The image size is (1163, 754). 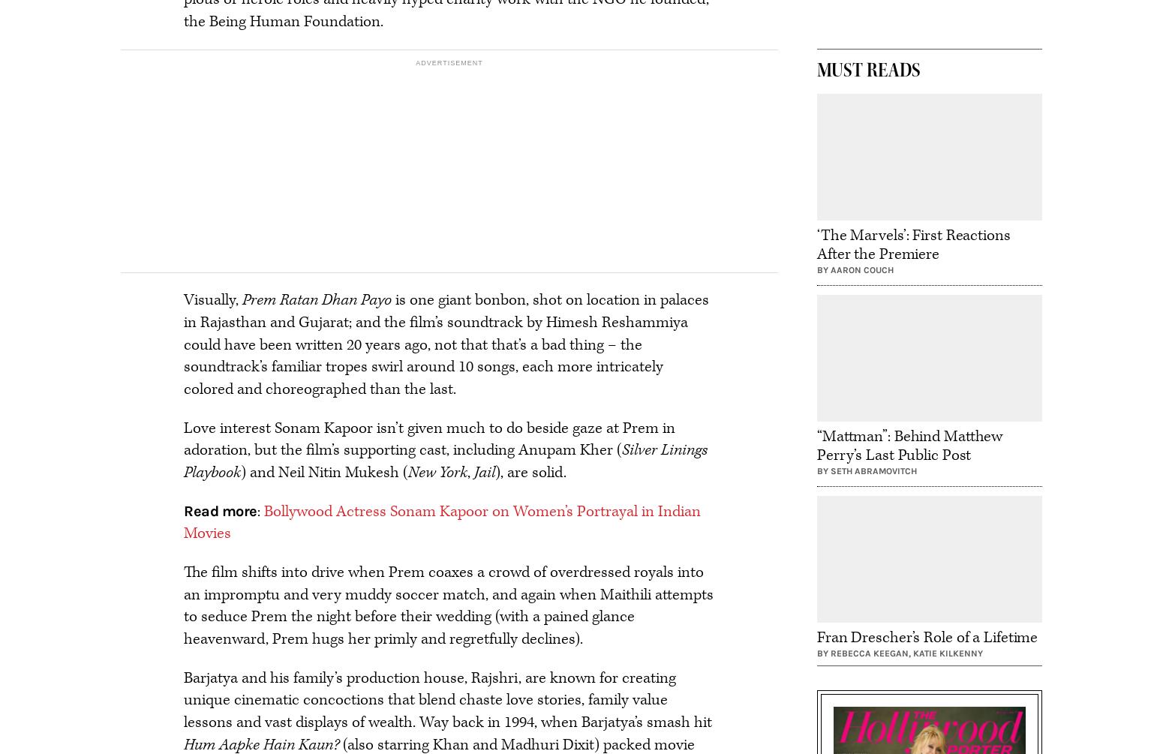 I want to click on 'Rebecca Keegan', so click(x=868, y=652).